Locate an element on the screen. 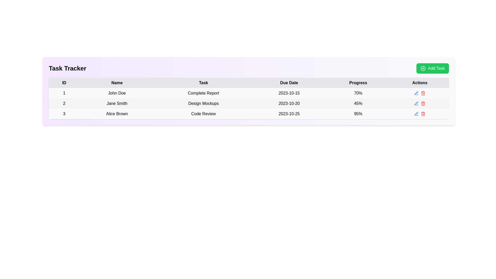 The width and height of the screenshot is (496, 279). the delete icon button located in the 'Actions' column of the row for the task 'Design Mockups' is located at coordinates (423, 104).